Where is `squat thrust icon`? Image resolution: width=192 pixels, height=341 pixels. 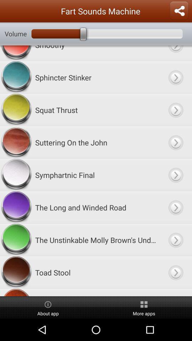 squat thrust icon is located at coordinates (96, 110).